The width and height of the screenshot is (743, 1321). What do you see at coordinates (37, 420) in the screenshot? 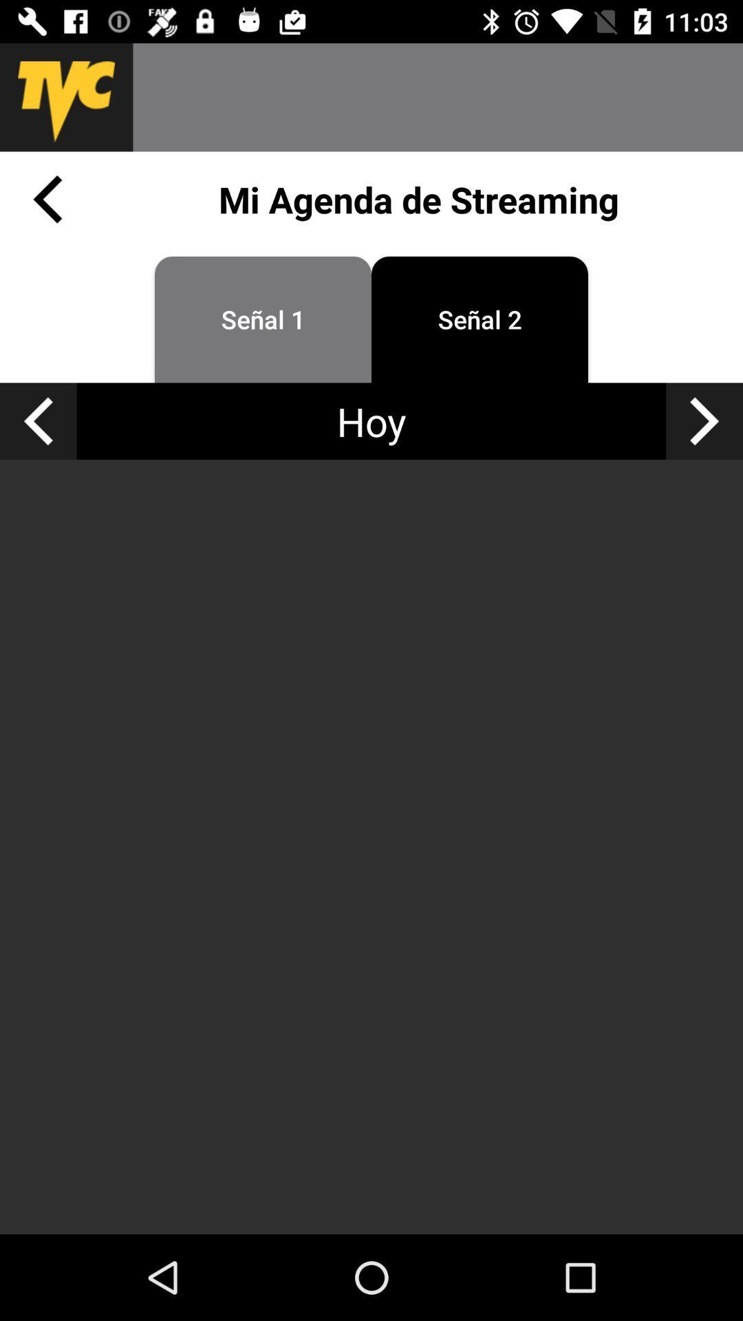
I see `previous` at bounding box center [37, 420].